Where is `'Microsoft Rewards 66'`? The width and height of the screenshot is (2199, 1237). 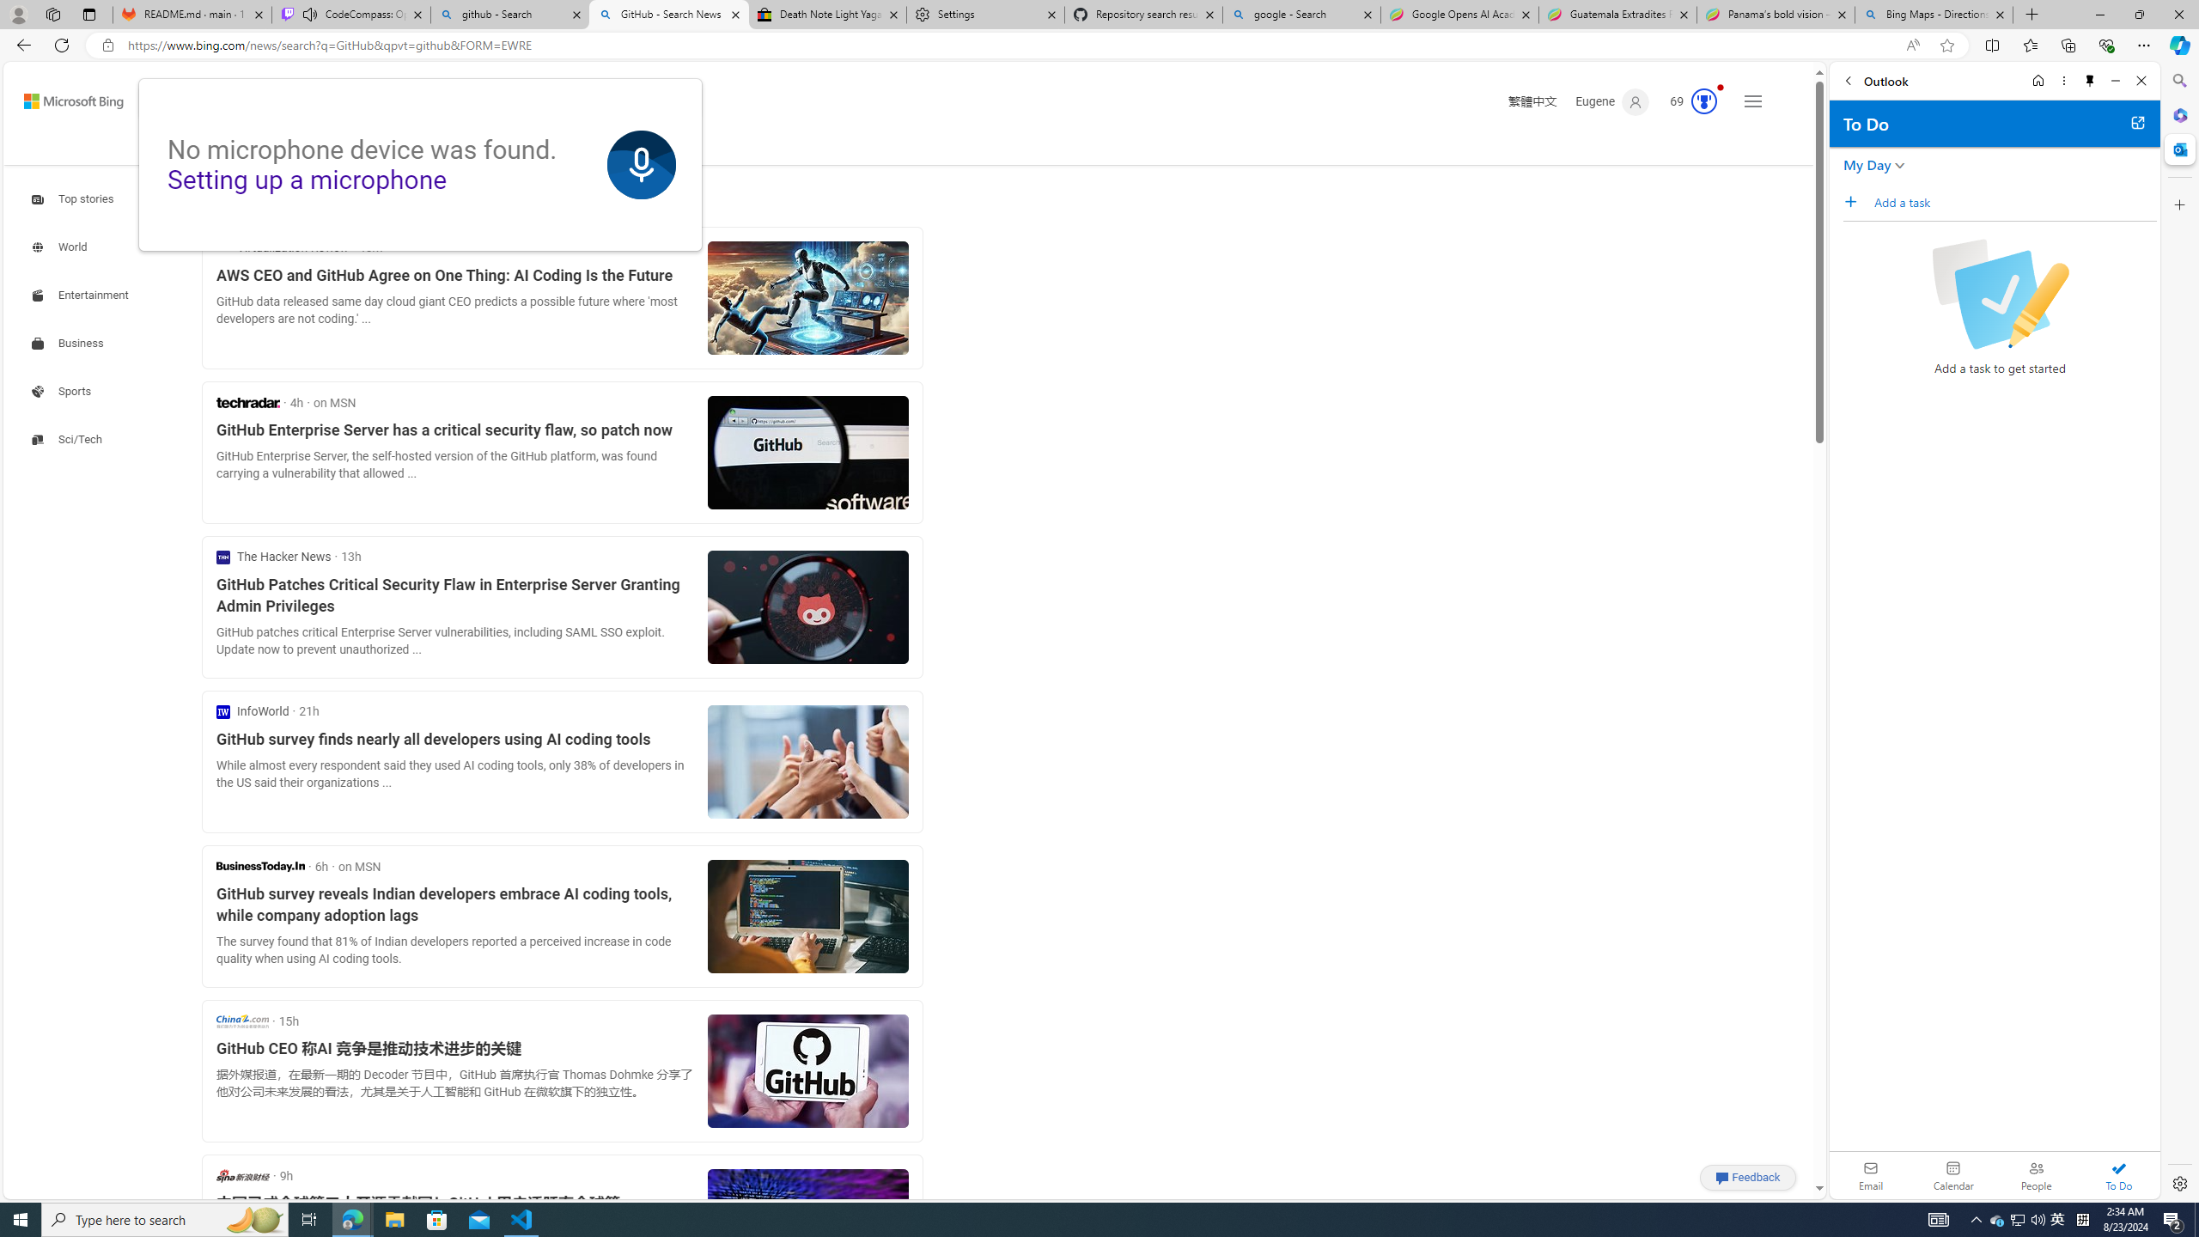 'Microsoft Rewards 66' is located at coordinates (1688, 101).